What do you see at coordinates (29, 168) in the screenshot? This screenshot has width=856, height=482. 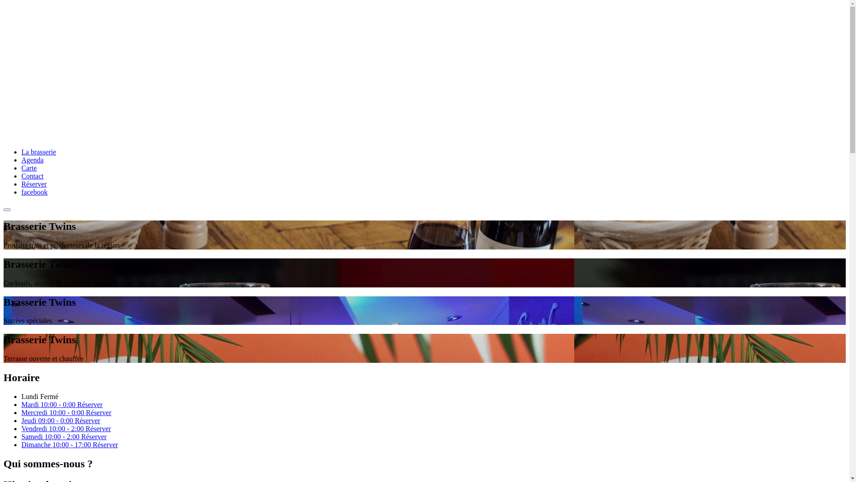 I see `'Carte'` at bounding box center [29, 168].